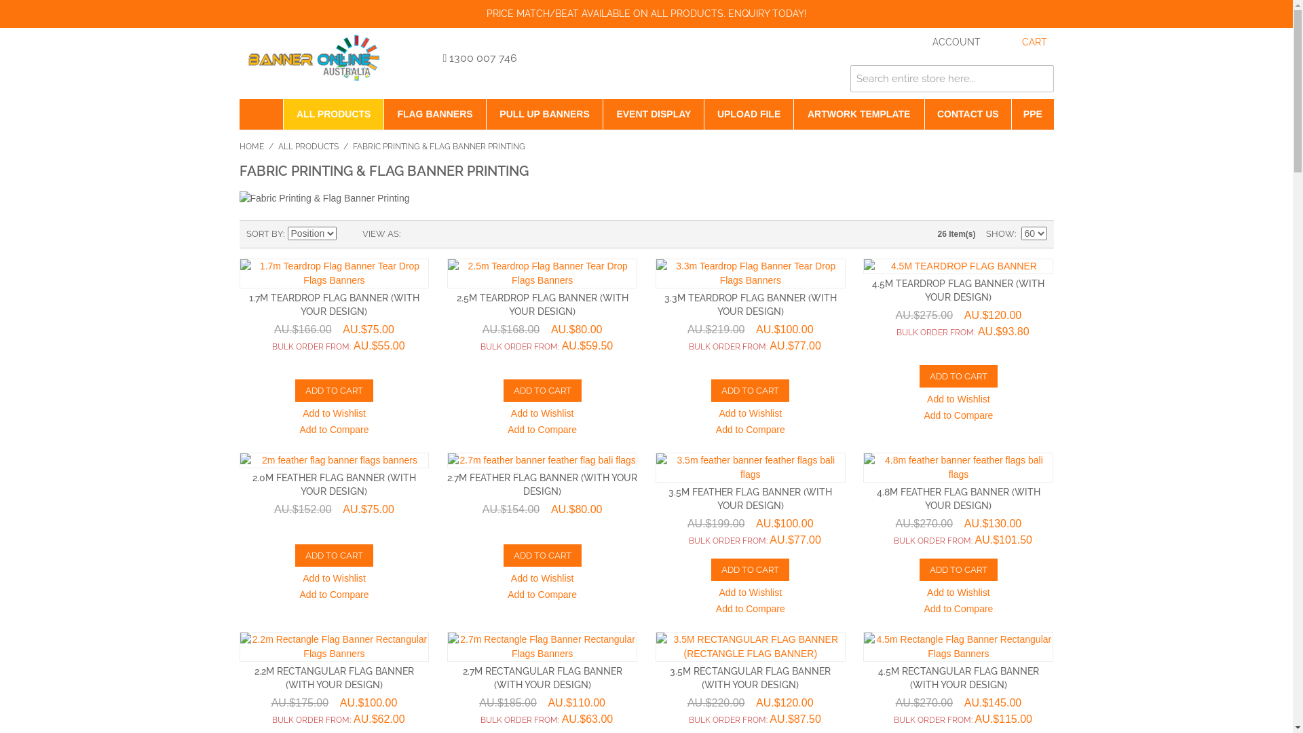 The image size is (1303, 733). What do you see at coordinates (544, 113) in the screenshot?
I see `'PULL UP BANNERS'` at bounding box center [544, 113].